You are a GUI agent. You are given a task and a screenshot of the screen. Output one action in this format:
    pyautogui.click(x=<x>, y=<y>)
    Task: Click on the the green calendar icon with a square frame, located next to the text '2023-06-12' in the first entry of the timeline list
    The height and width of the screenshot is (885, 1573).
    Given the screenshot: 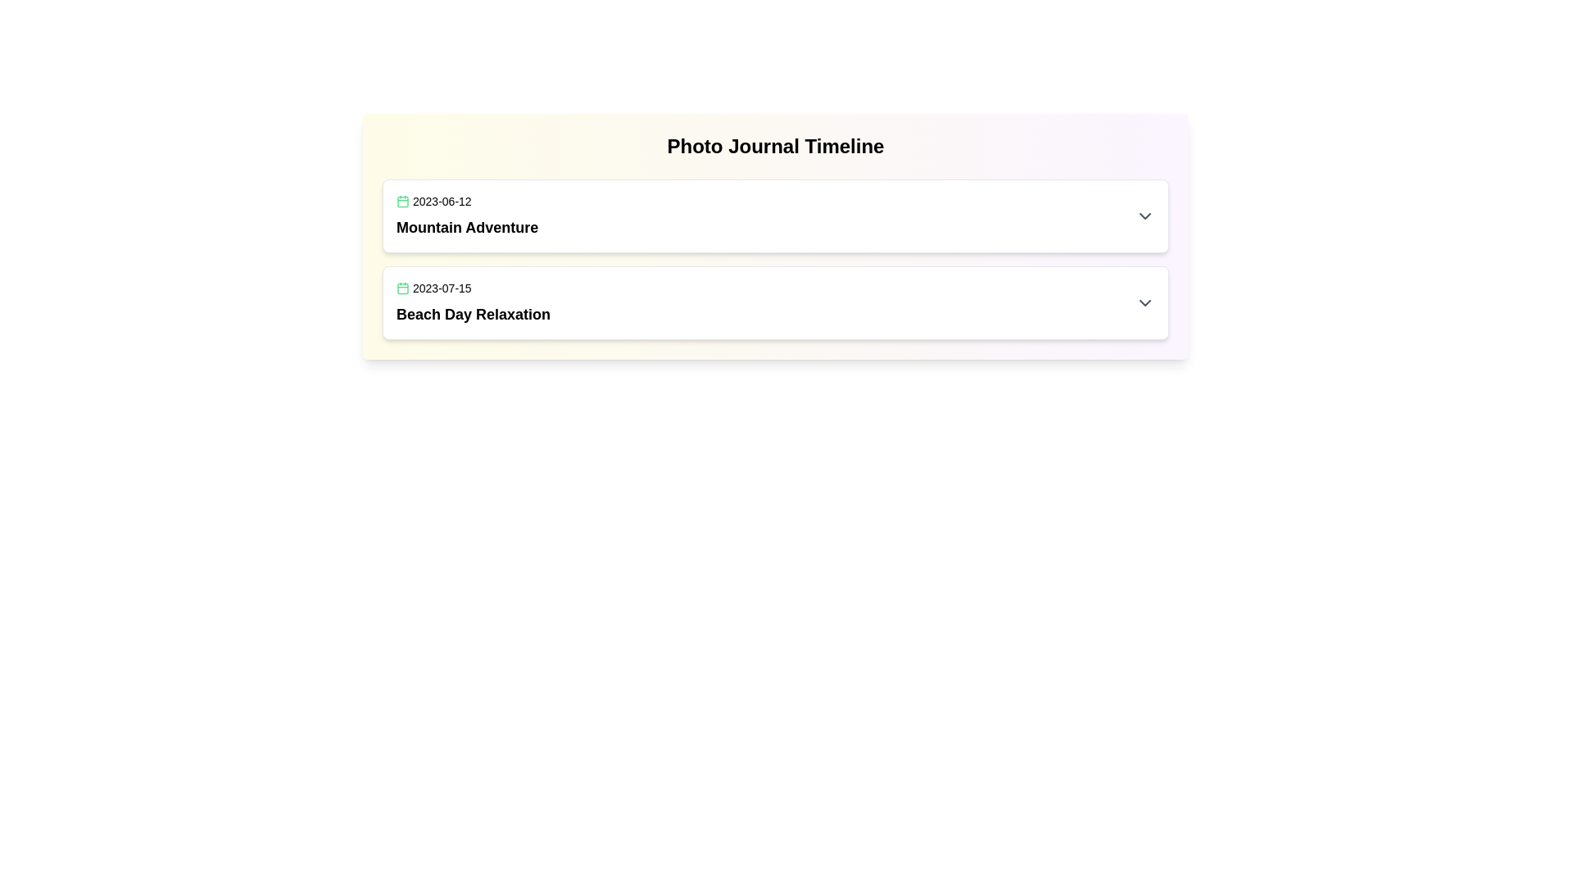 What is the action you would take?
    pyautogui.click(x=402, y=201)
    